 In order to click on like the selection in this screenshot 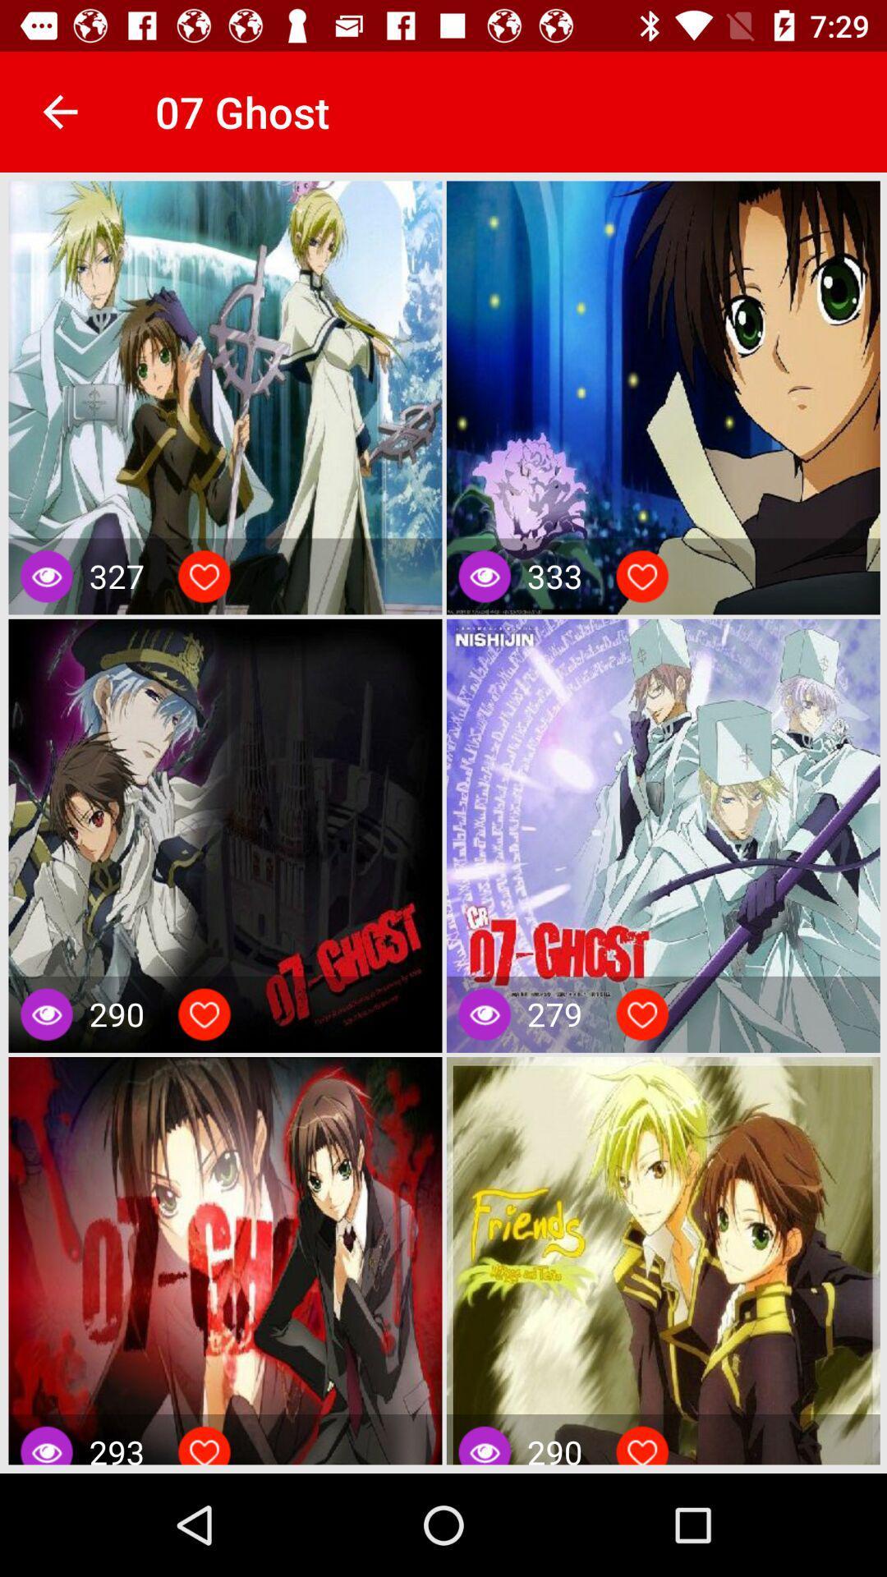, I will do `click(204, 576)`.